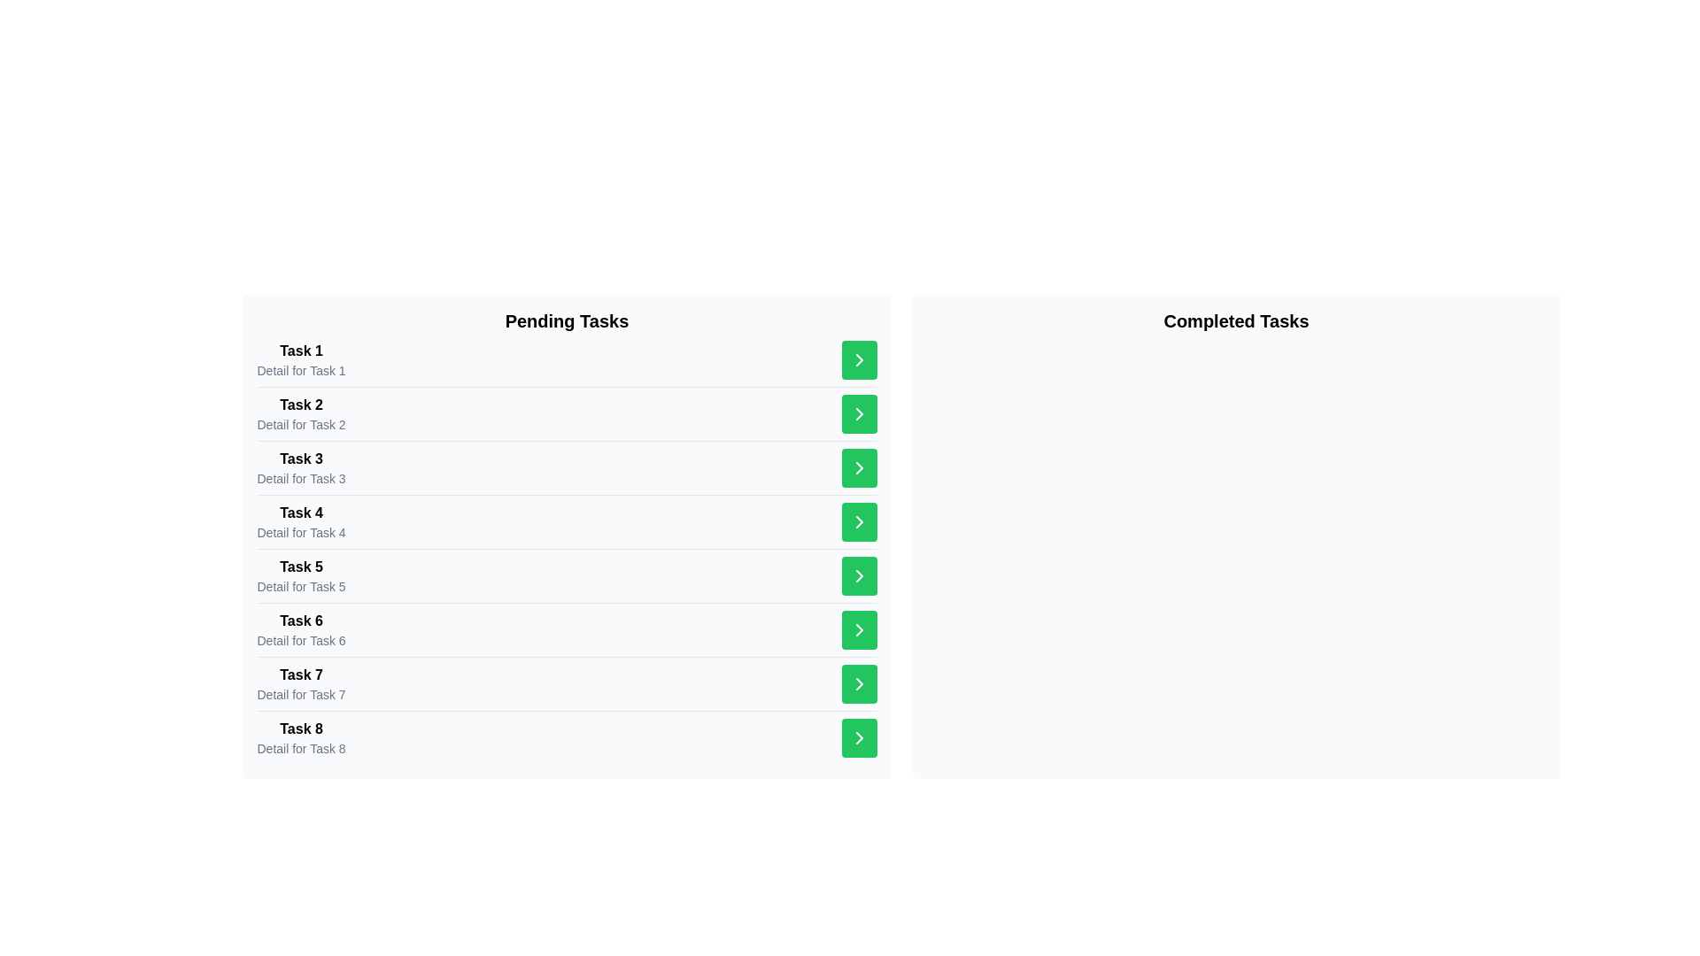 Image resolution: width=1700 pixels, height=956 pixels. What do you see at coordinates (859, 682) in the screenshot?
I see `the right-chevron graphical icon button located on the right side of the row labeled 'Task 8'` at bounding box center [859, 682].